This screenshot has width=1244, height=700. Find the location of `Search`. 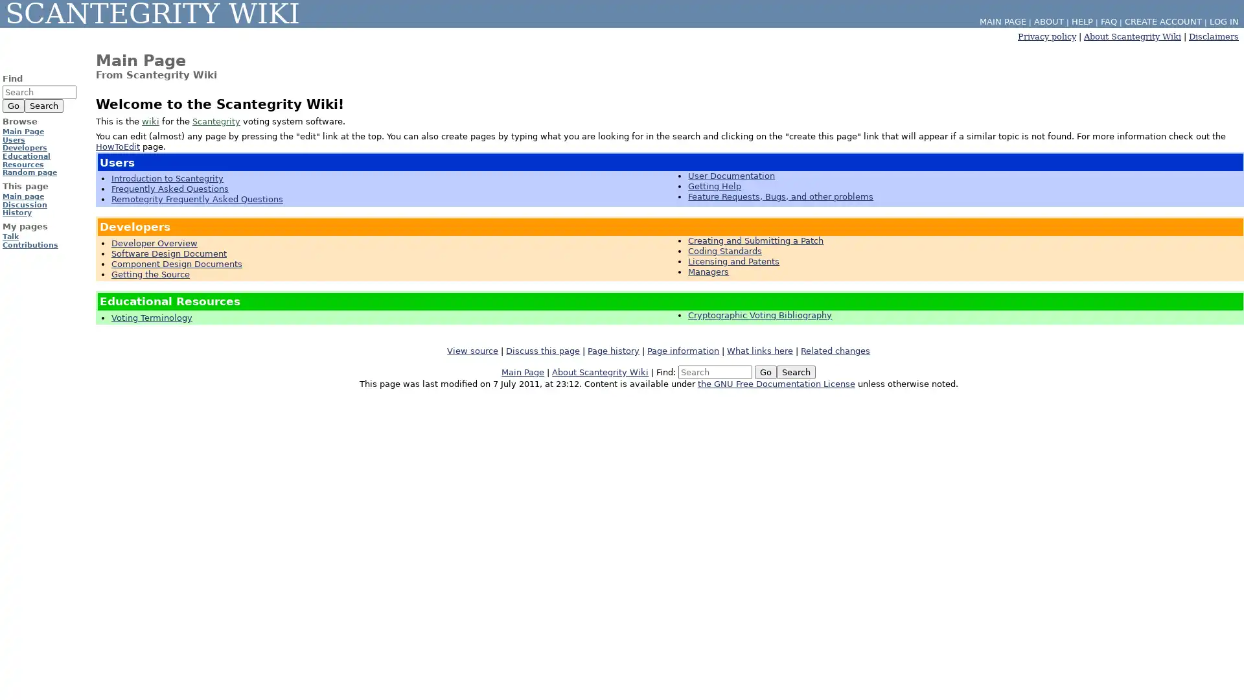

Search is located at coordinates (795, 371).